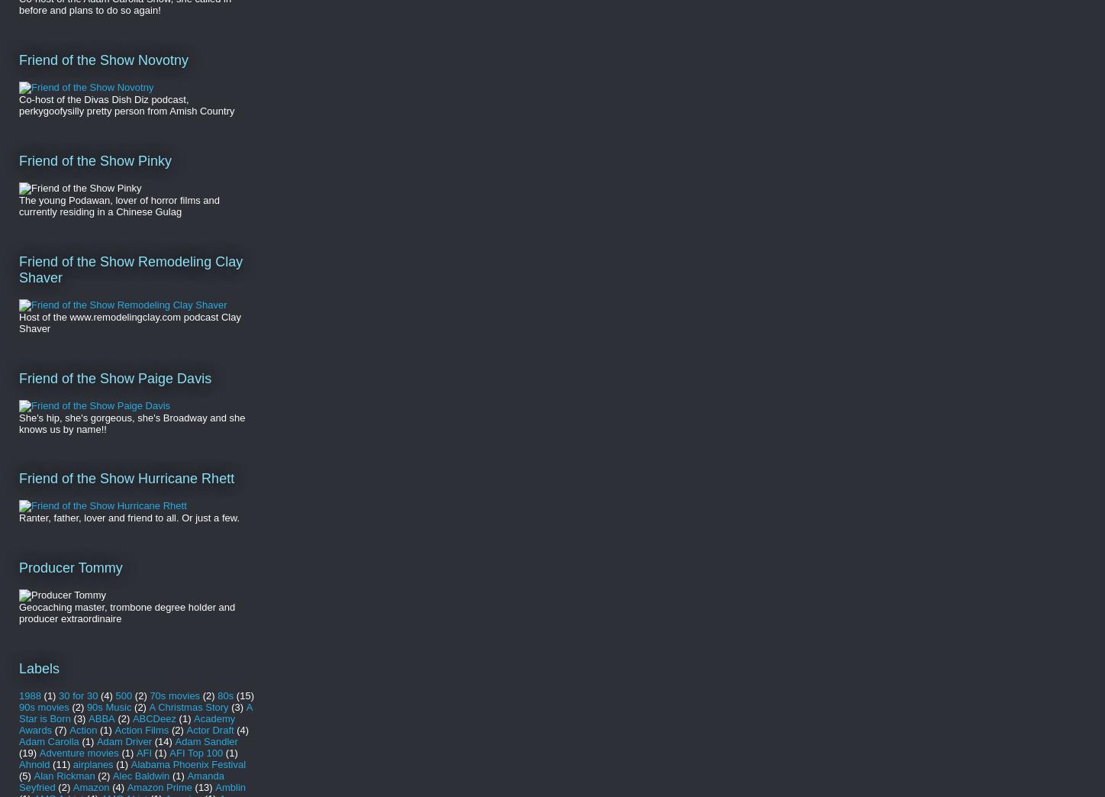 This screenshot has width=1105, height=797. I want to click on 'Amblin', so click(230, 786).